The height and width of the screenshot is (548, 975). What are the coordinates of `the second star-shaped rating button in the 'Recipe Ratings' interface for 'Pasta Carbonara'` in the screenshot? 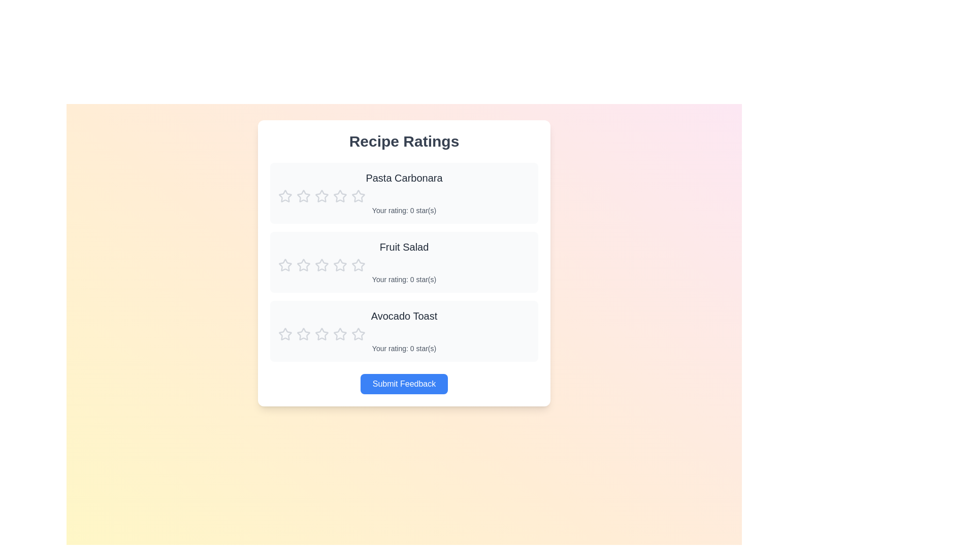 It's located at (321, 196).